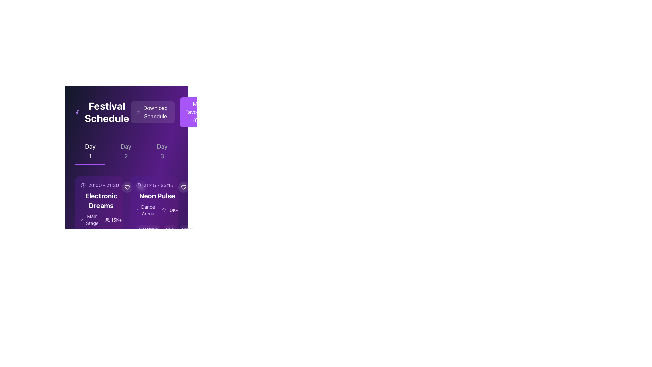 The width and height of the screenshot is (652, 367). Describe the element at coordinates (90, 151) in the screenshot. I see `the 'Day 1' button` at that location.